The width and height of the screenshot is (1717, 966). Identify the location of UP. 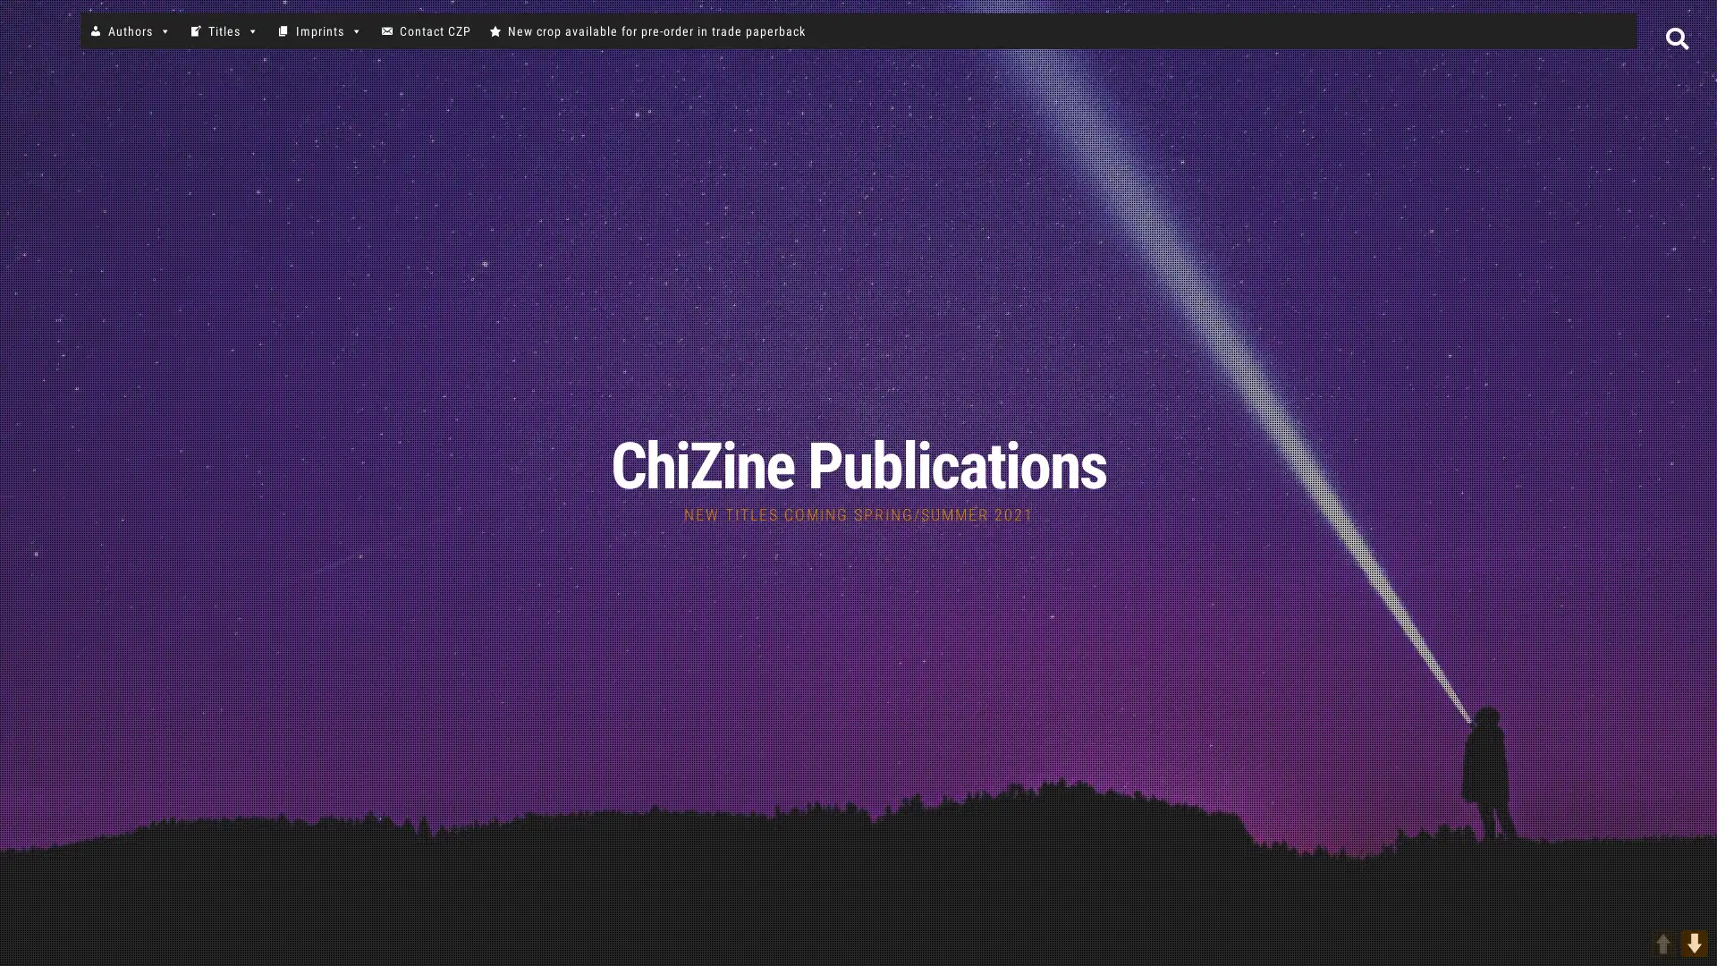
(1662, 943).